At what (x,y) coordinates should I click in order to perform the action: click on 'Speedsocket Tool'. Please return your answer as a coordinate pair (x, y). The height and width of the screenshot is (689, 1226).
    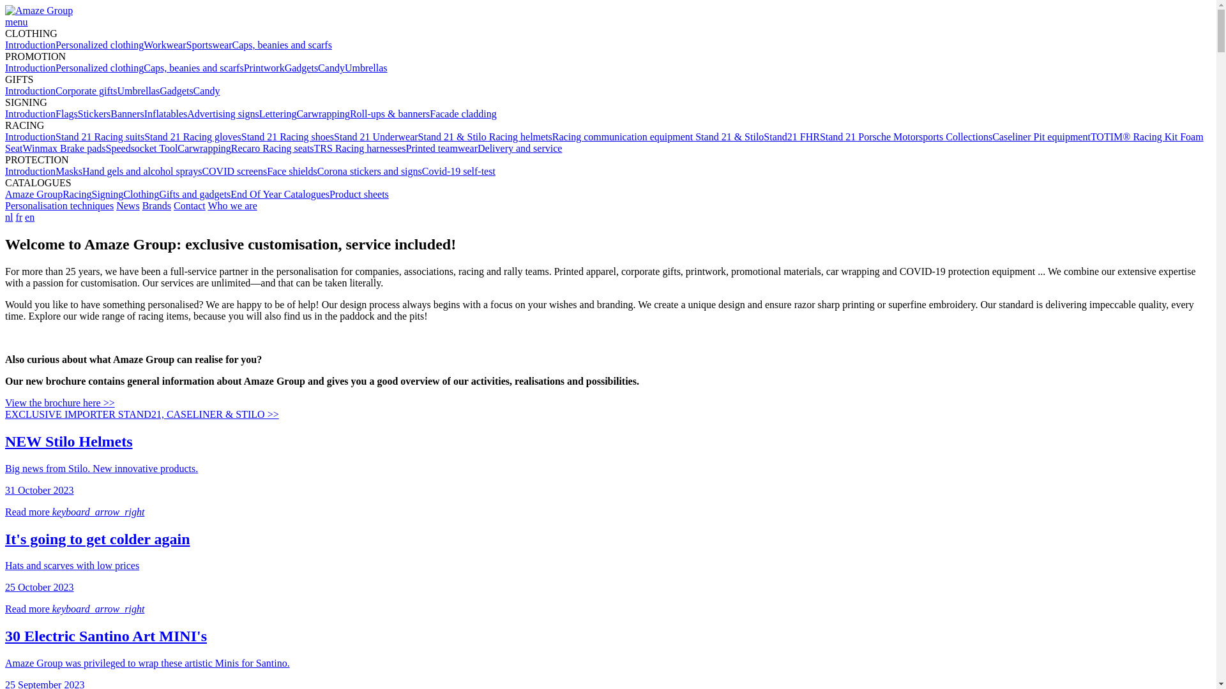
    Looking at the image, I should click on (142, 147).